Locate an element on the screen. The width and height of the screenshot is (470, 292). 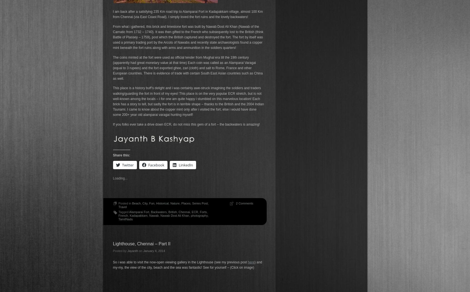
'Backwaters' is located at coordinates (158, 211).